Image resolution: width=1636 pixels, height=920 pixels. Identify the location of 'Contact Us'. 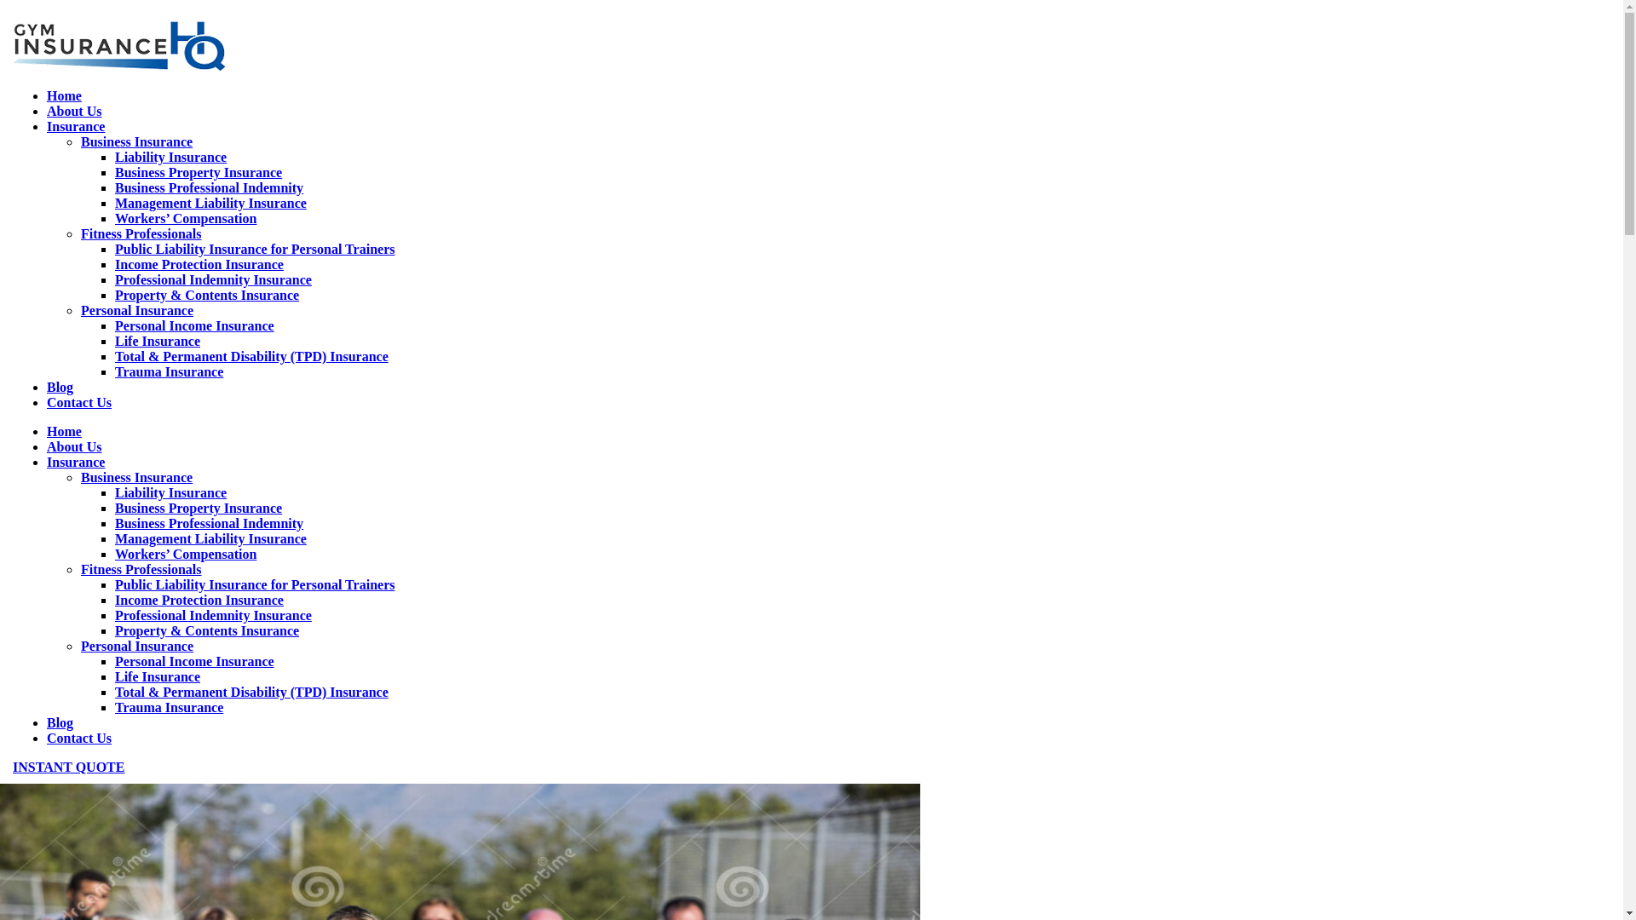
(46, 402).